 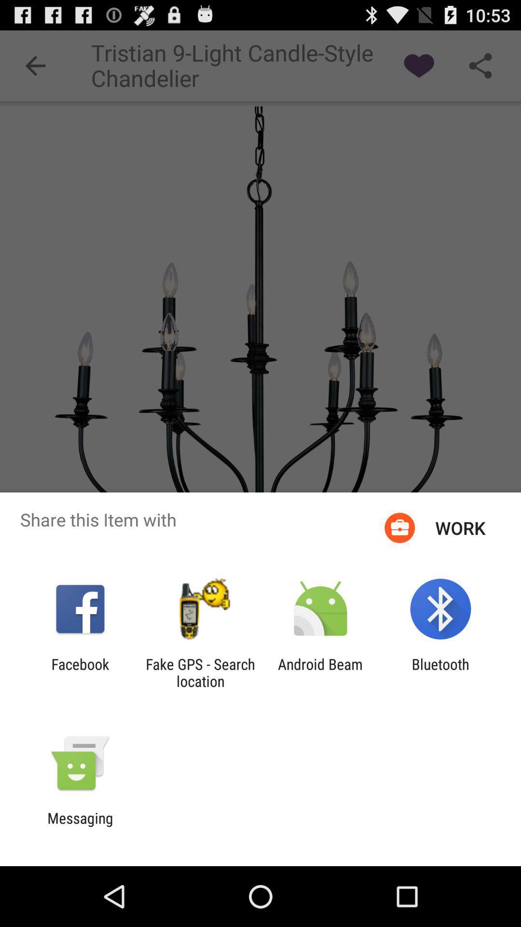 I want to click on the facebook app, so click(x=80, y=672).